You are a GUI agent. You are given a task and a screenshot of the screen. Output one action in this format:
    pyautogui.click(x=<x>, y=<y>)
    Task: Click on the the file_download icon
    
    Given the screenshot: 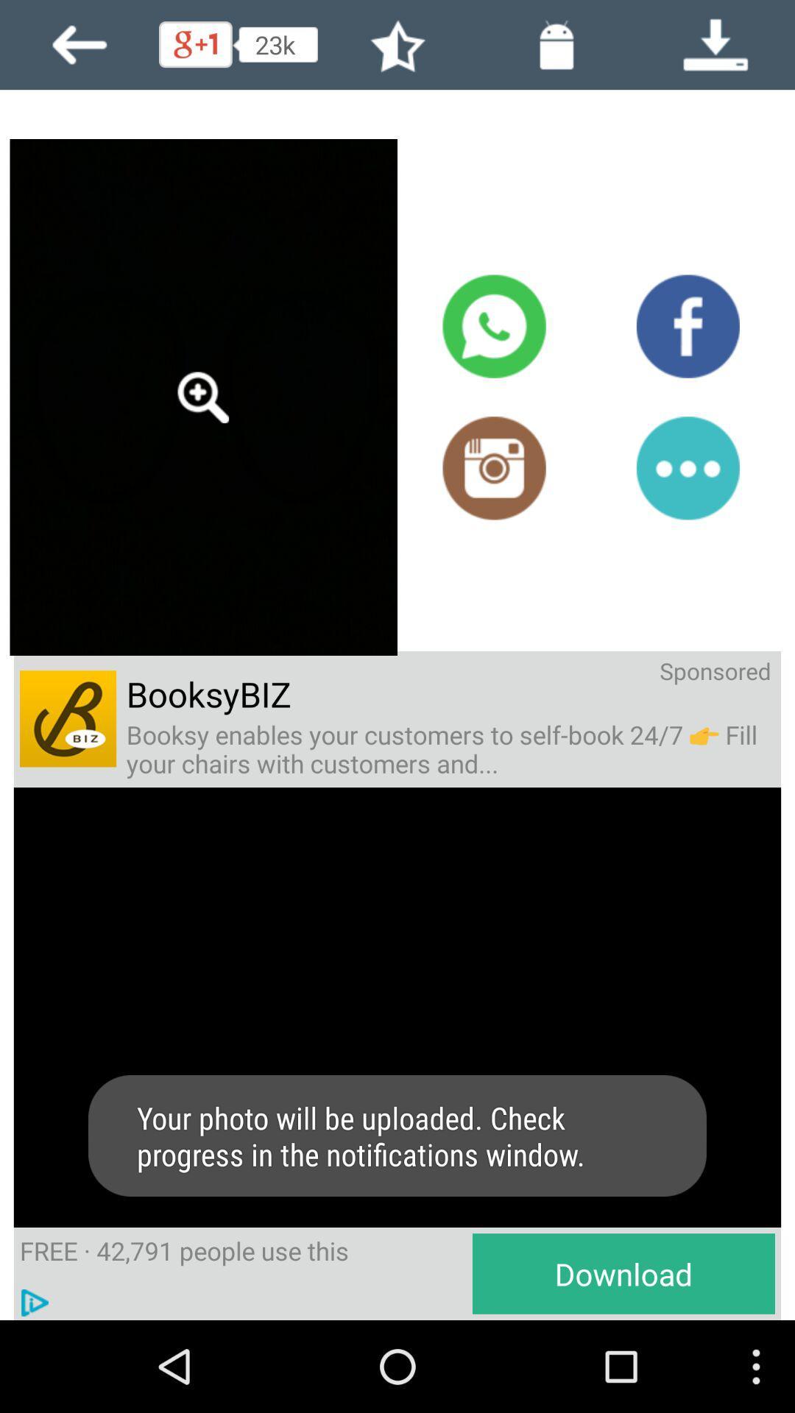 What is the action you would take?
    pyautogui.click(x=715, y=48)
    